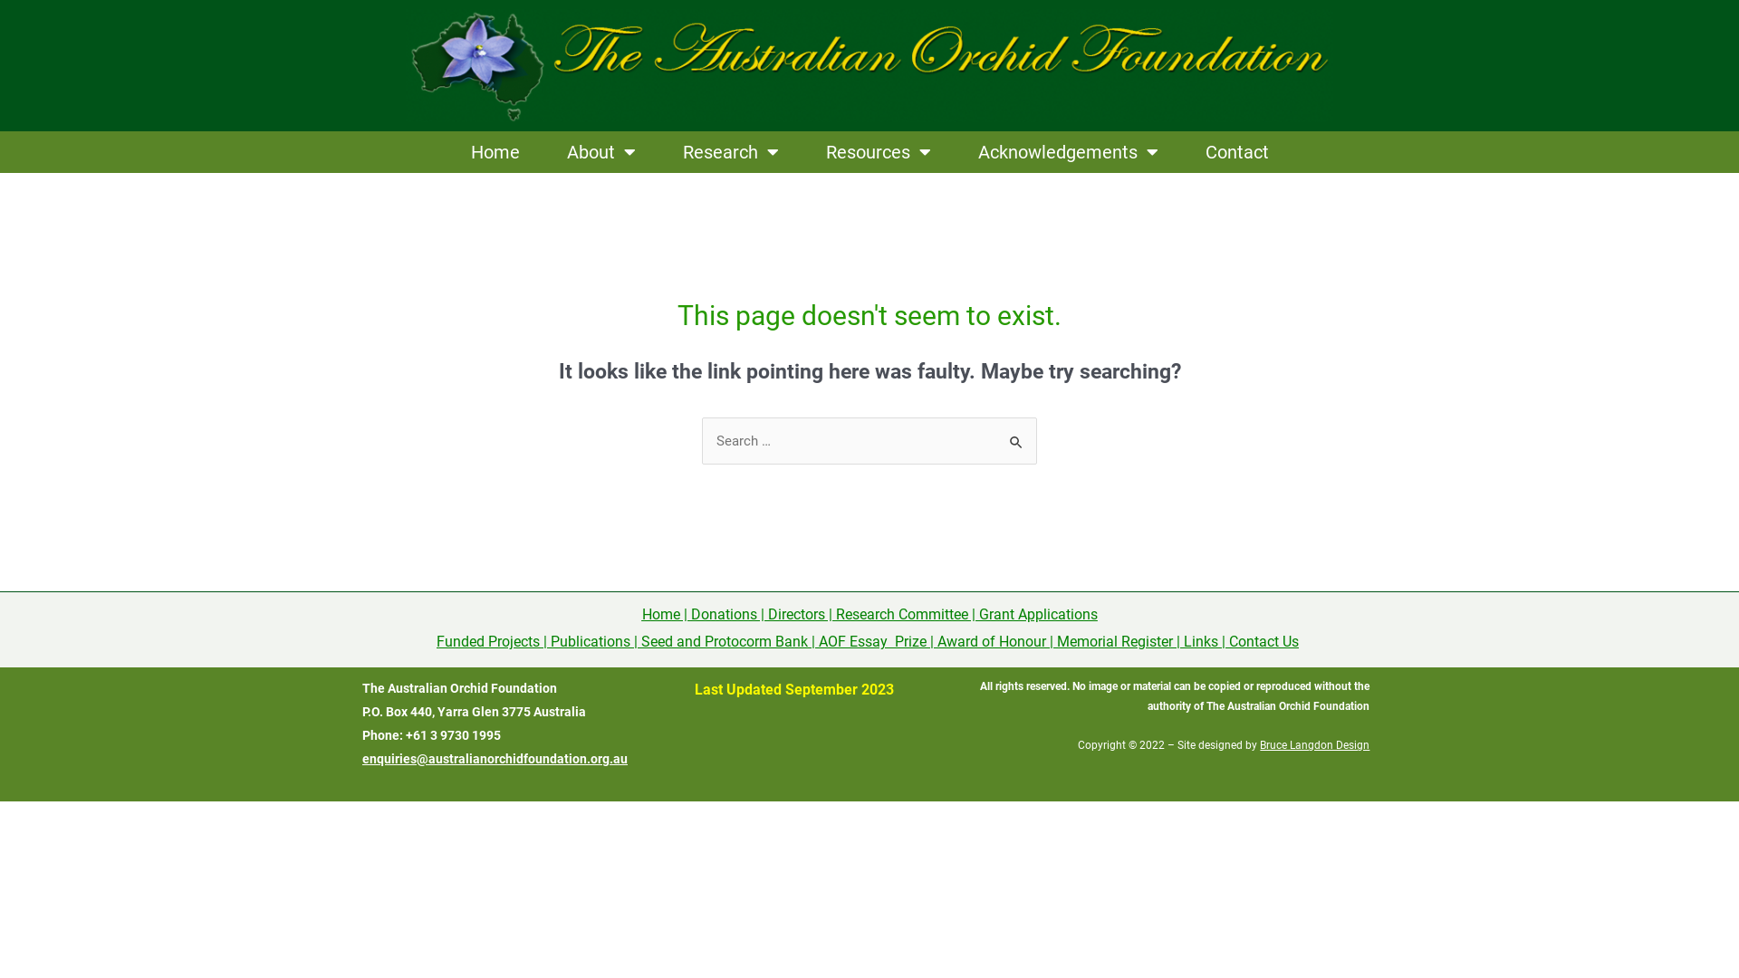  I want to click on 'Directors', so click(796, 613).